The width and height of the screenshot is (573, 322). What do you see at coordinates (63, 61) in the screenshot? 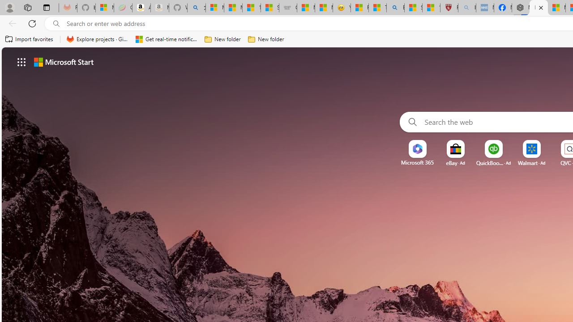
I see `'Microsoft start'` at bounding box center [63, 61].